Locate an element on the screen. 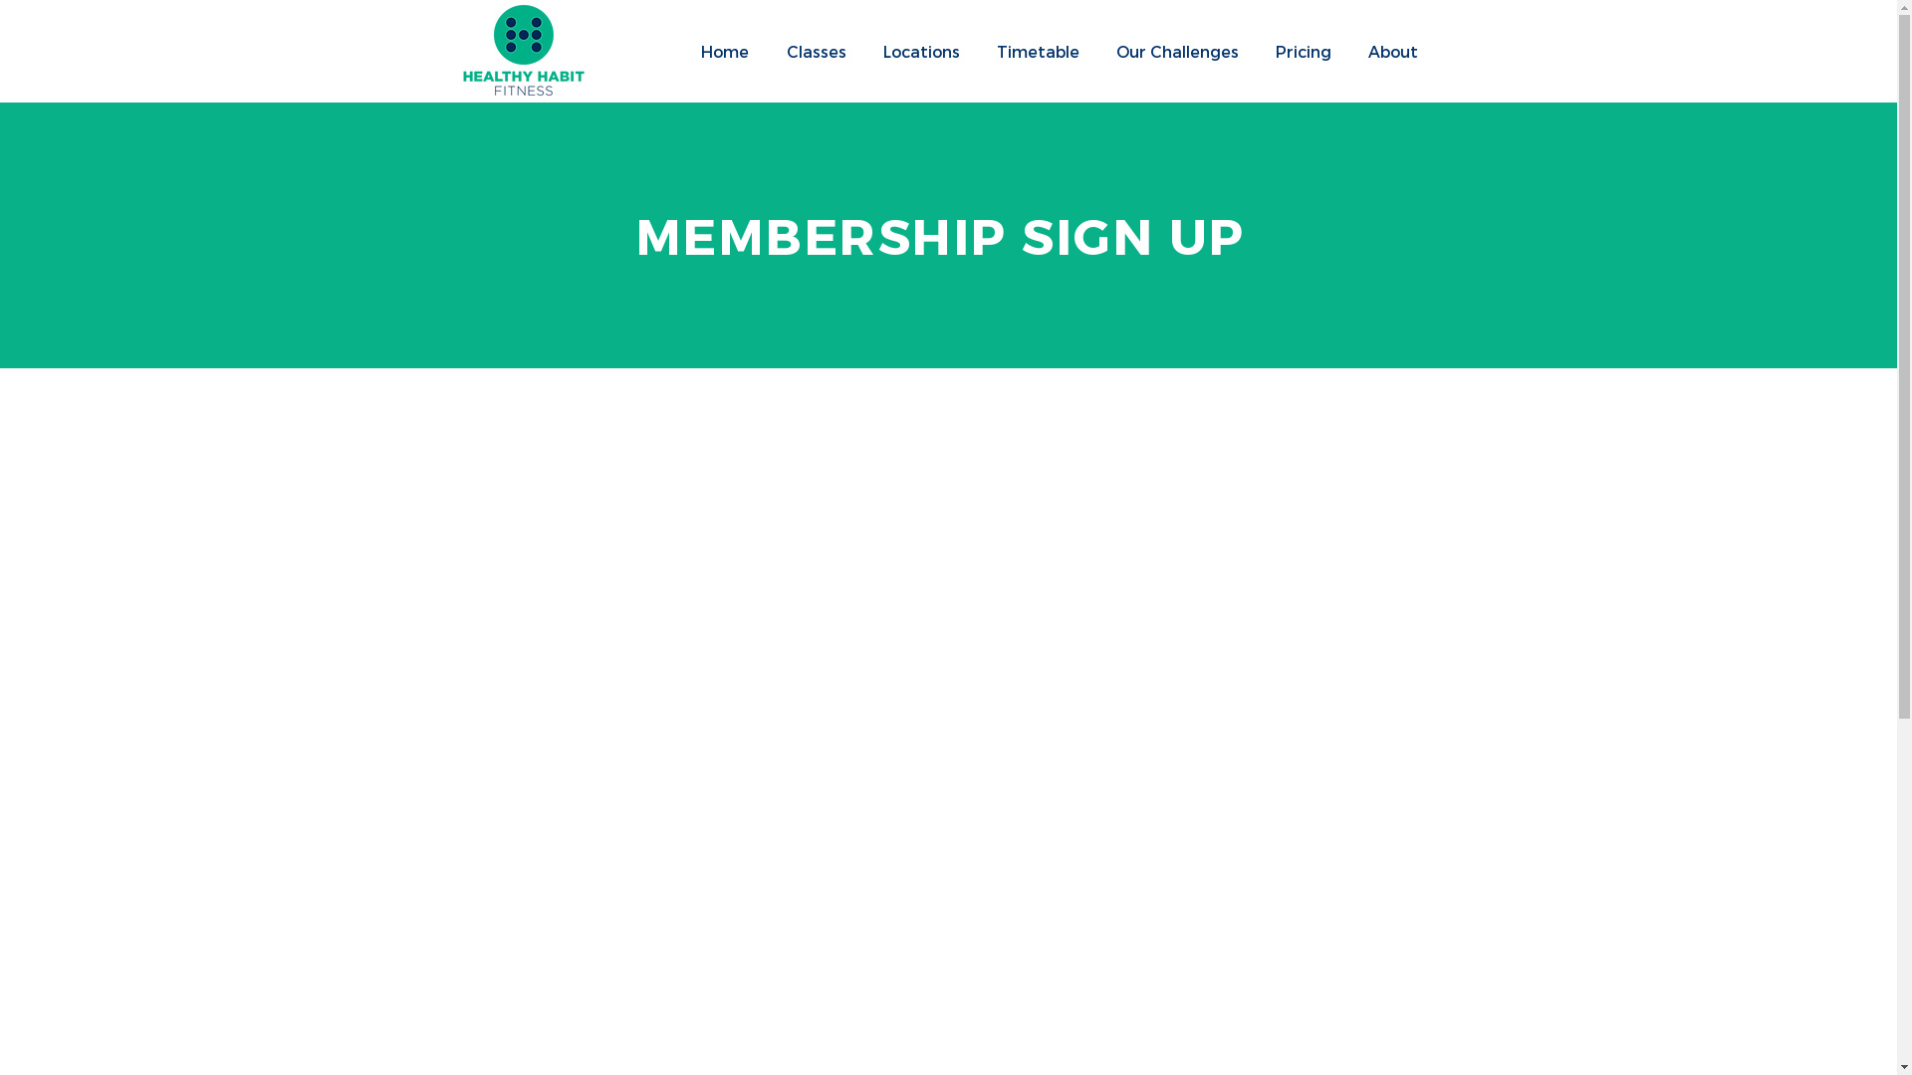 The height and width of the screenshot is (1075, 1912). 'Home' is located at coordinates (681, 50).